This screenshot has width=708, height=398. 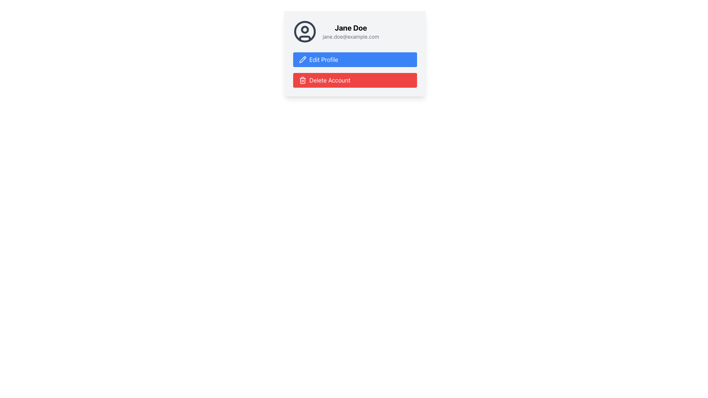 What do you see at coordinates (302, 59) in the screenshot?
I see `the edit icon within the 'Edit Profile' button` at bounding box center [302, 59].